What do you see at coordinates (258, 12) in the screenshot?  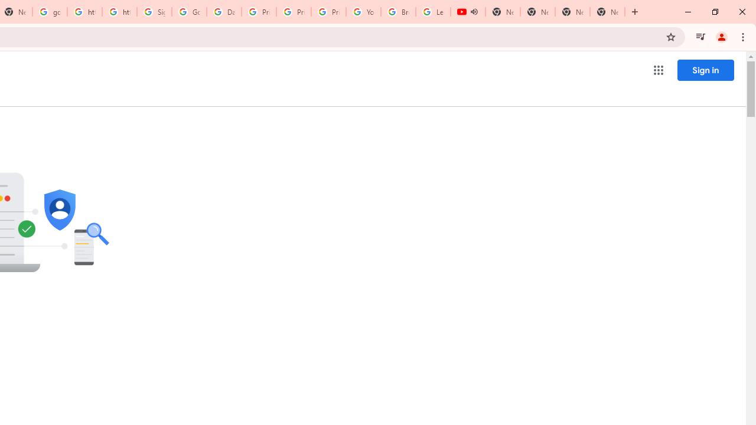 I see `'Privacy Help Center - Policies Help'` at bounding box center [258, 12].